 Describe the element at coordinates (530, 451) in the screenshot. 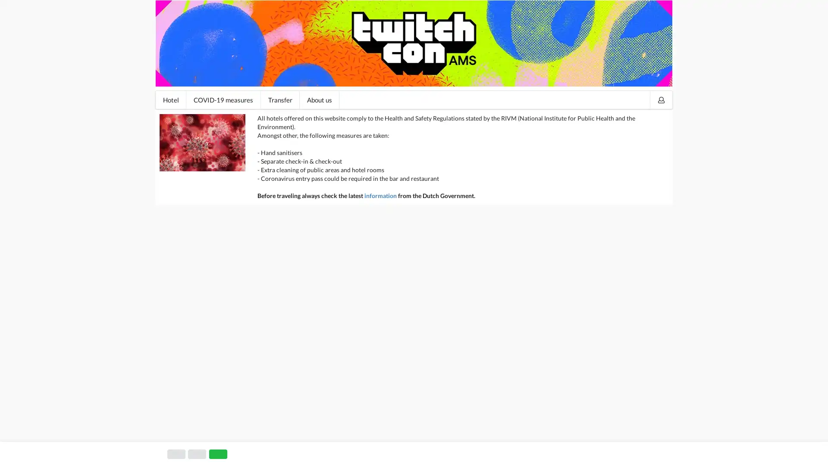

I see `Customise Settings` at that location.